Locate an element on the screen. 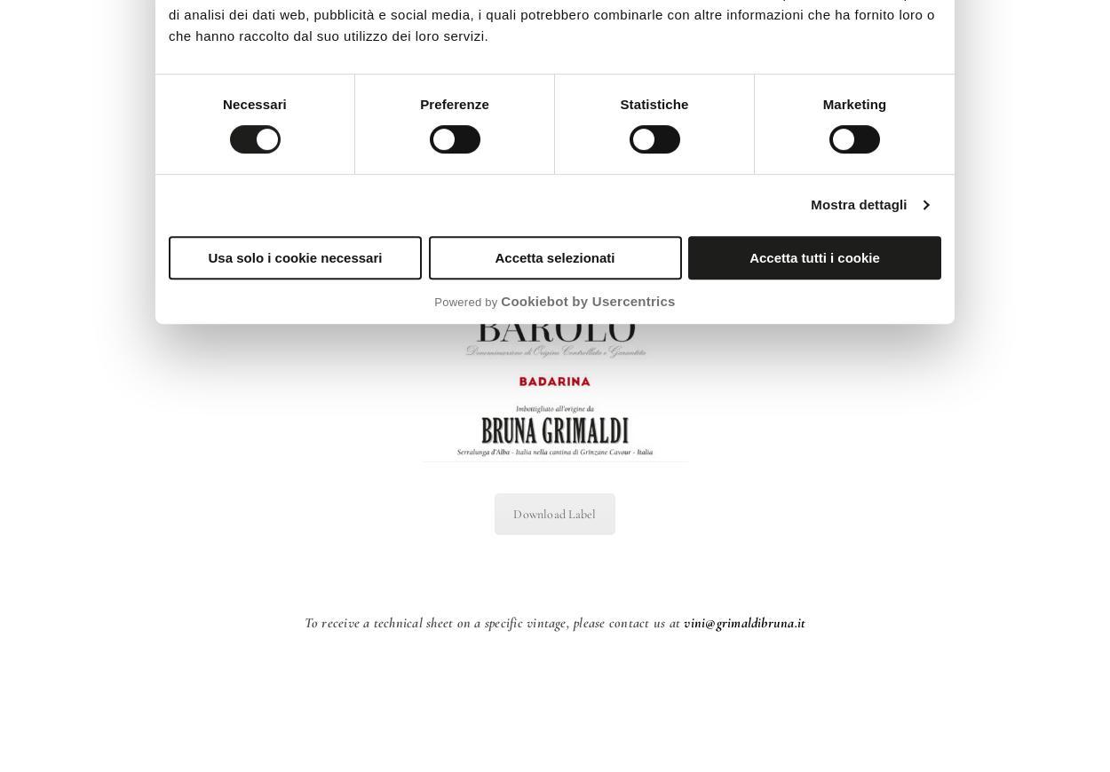 This screenshot has width=1110, height=772. 'Accetta tutti i cookie' is located at coordinates (814, 256).